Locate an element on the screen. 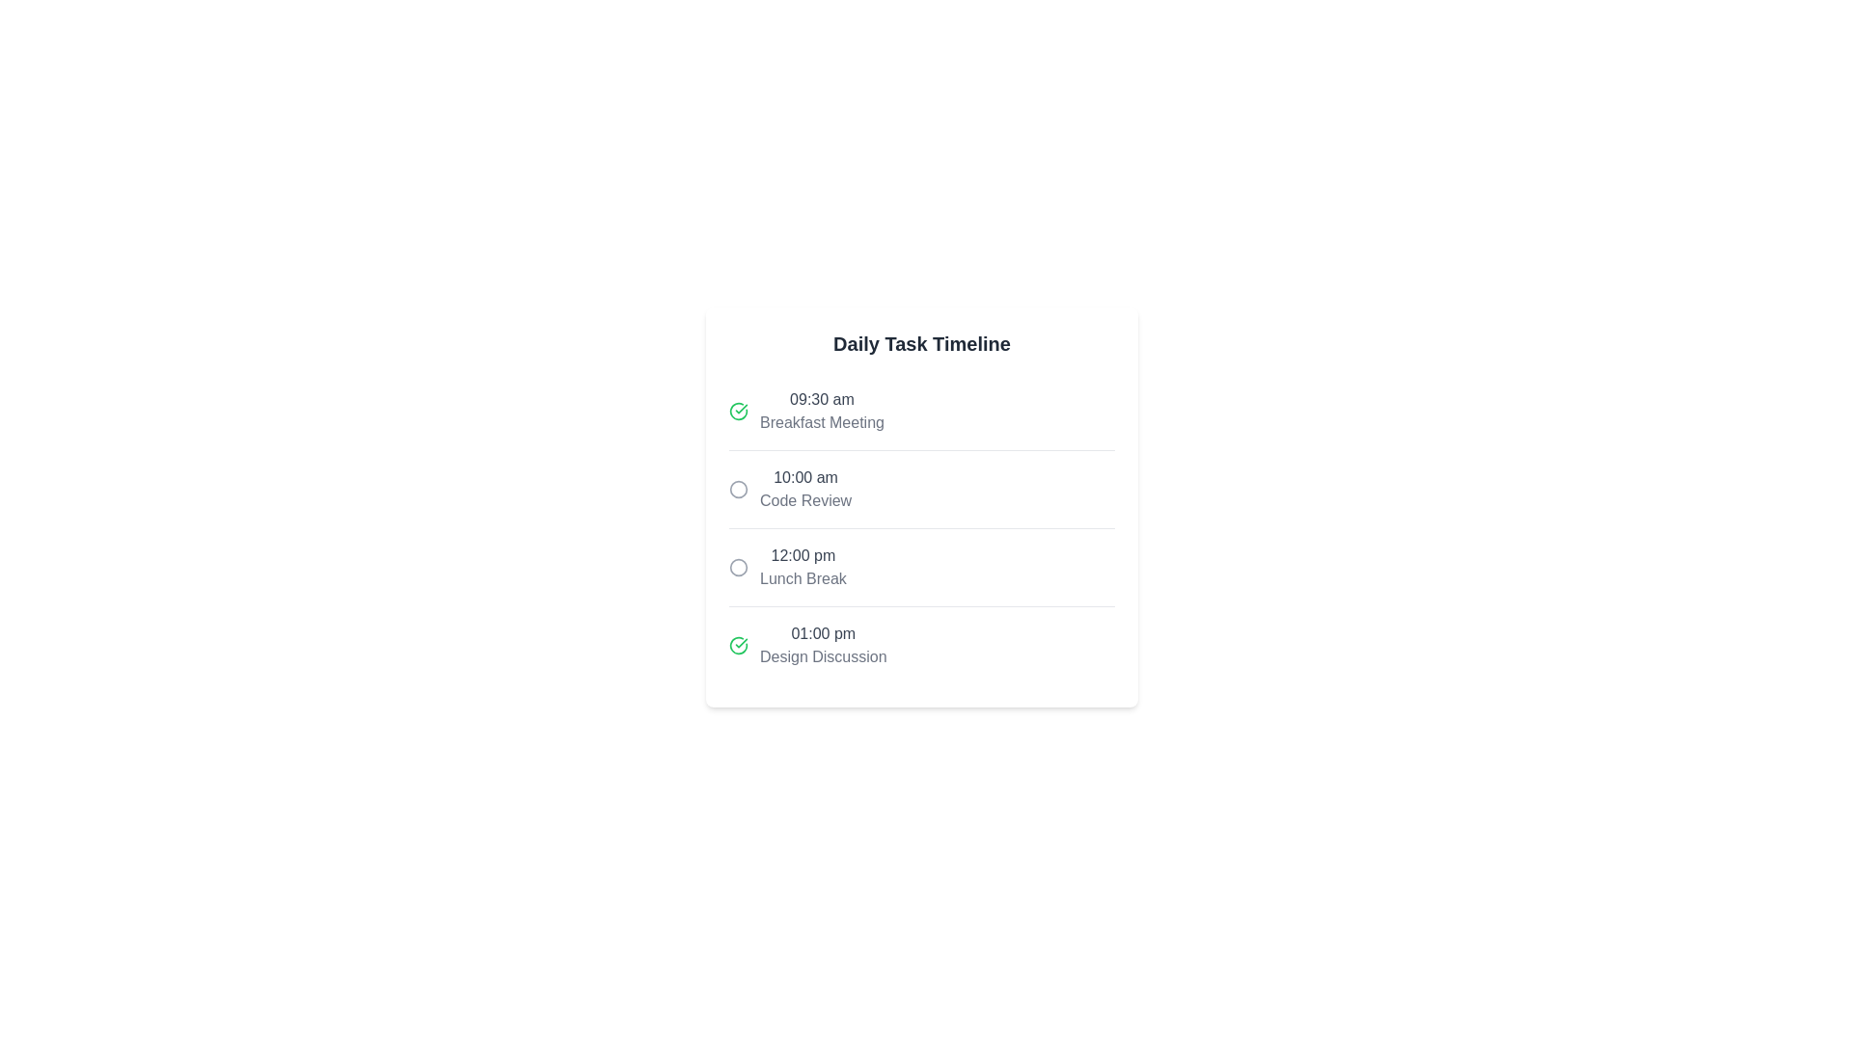 The width and height of the screenshot is (1852, 1041). the static text label 'Code Review' that indicates the scheduled activity for '10:00 am' on the timeline interface is located at coordinates (805, 500).